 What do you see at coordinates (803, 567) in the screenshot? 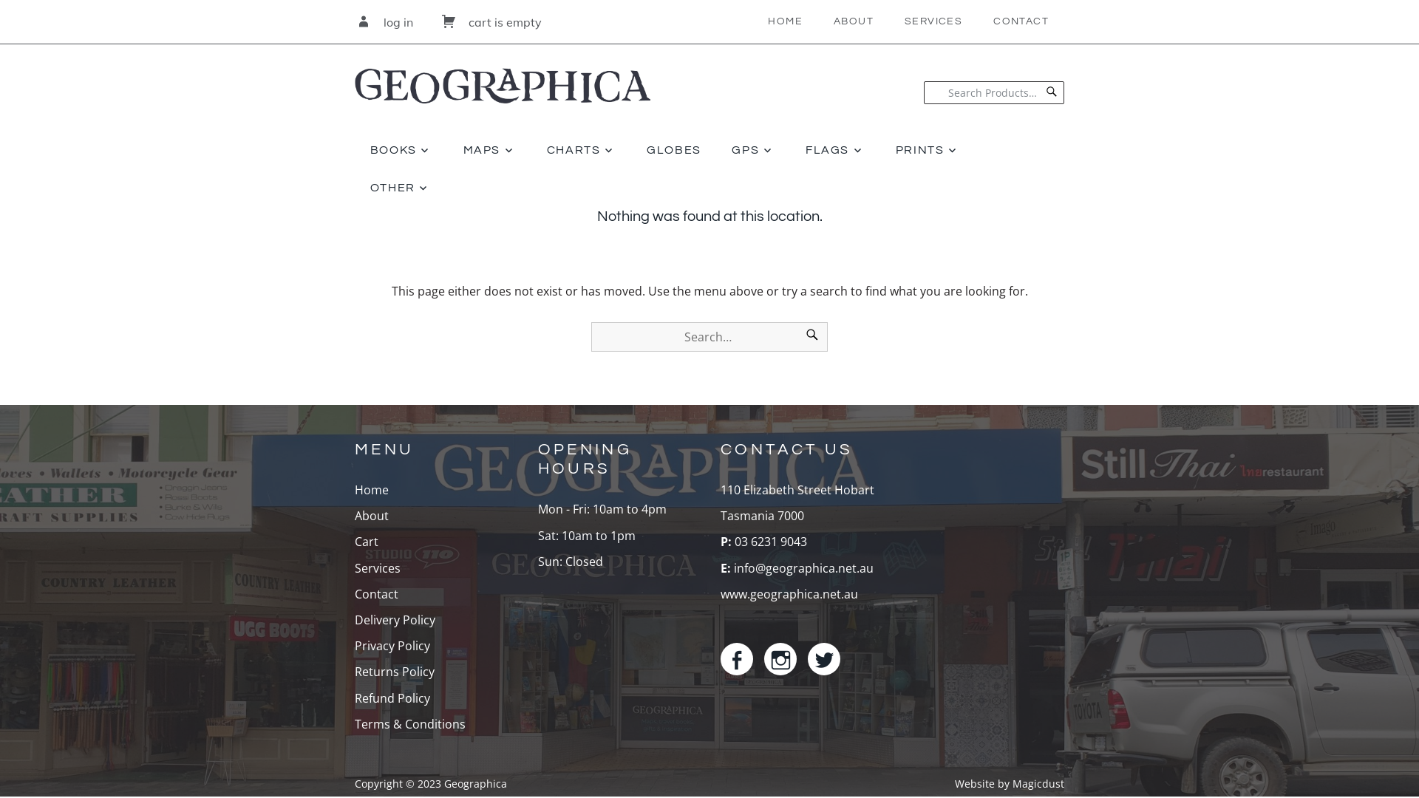
I see `'info@geographica.net.au'` at bounding box center [803, 567].